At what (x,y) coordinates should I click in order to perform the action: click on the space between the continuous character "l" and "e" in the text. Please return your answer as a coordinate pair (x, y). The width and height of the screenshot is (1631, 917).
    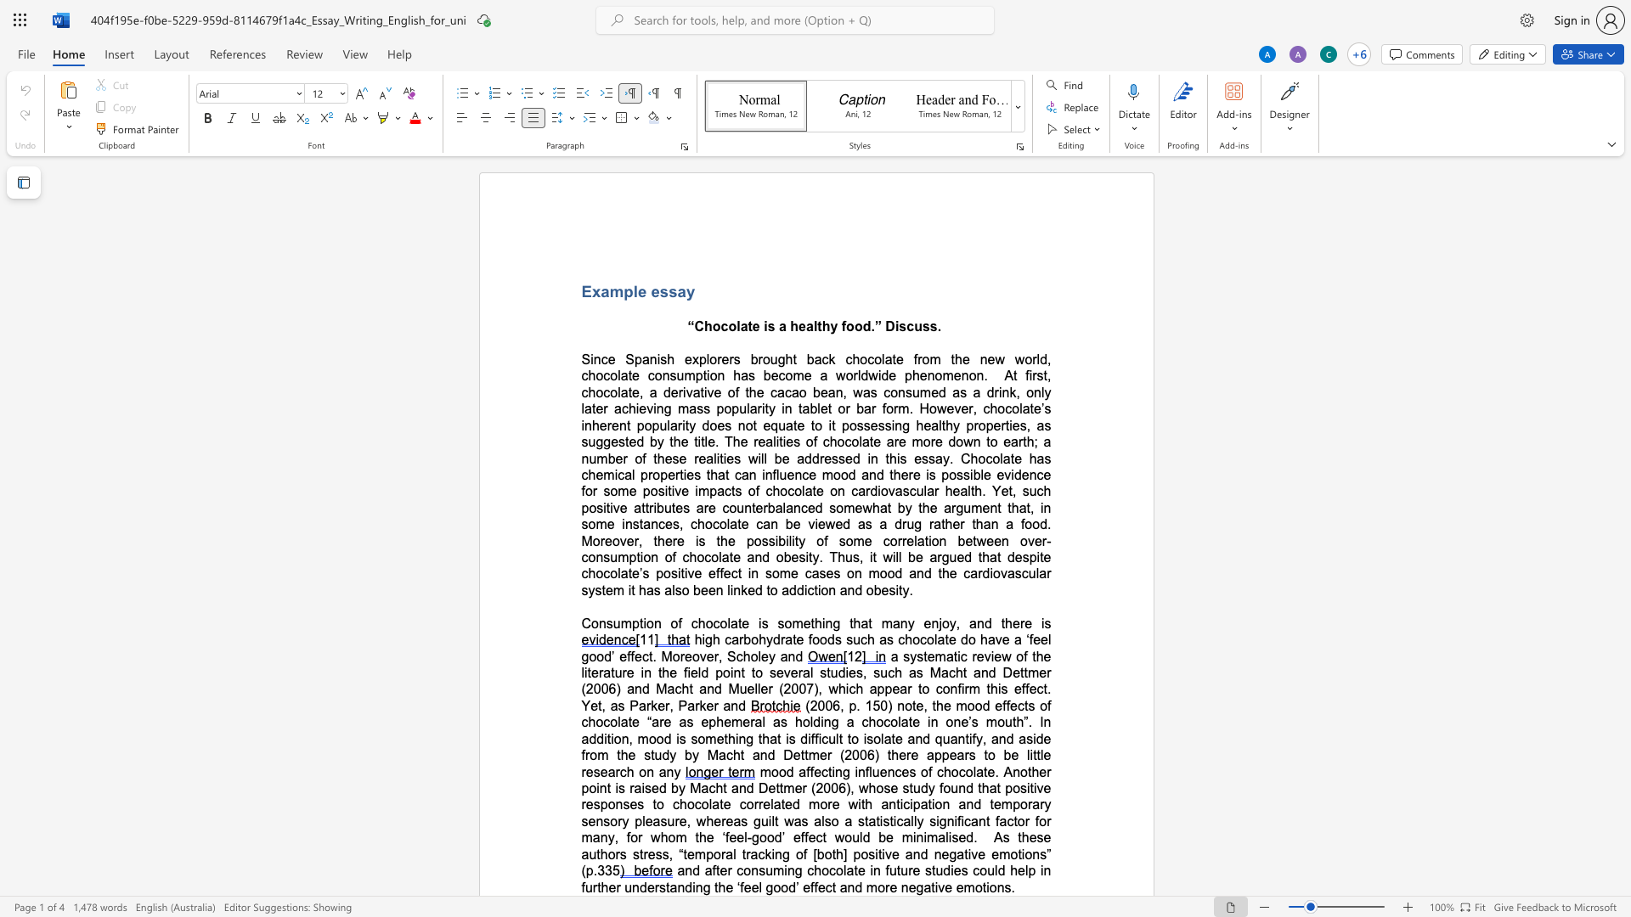
    Looking at the image, I should click on (985, 475).